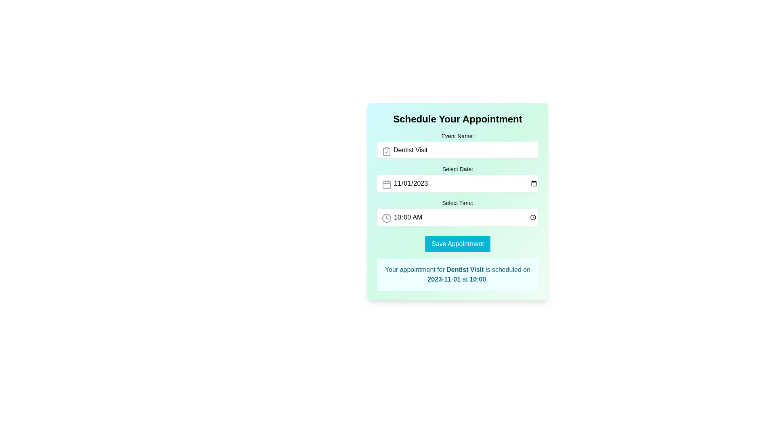  I want to click on Text Label located at the top of the form layout, directly above the event name input field, to understand the associated input's purpose, so click(457, 136).